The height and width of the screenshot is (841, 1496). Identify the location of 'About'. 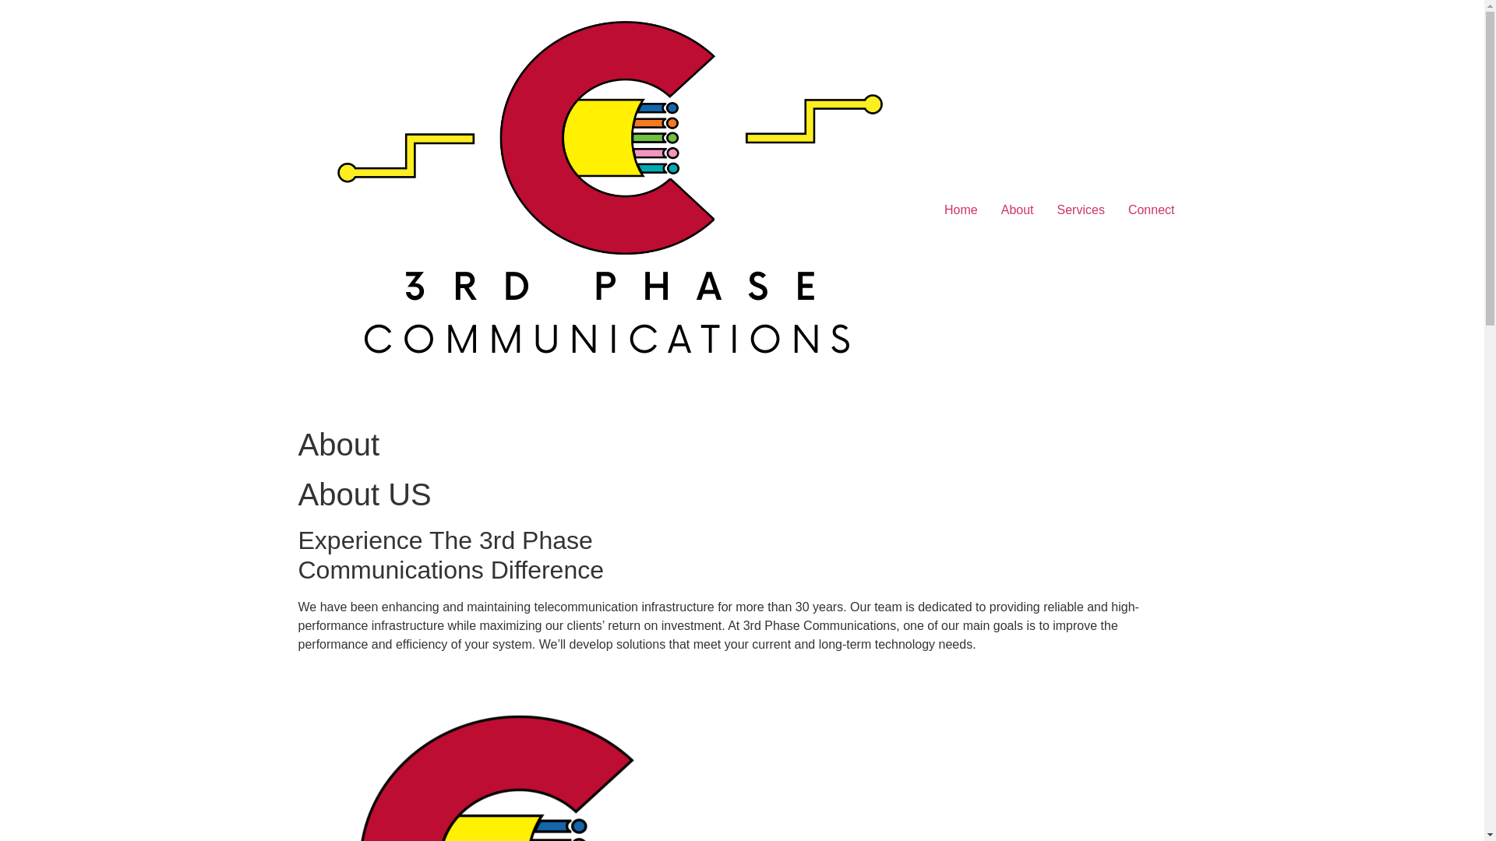
(1017, 210).